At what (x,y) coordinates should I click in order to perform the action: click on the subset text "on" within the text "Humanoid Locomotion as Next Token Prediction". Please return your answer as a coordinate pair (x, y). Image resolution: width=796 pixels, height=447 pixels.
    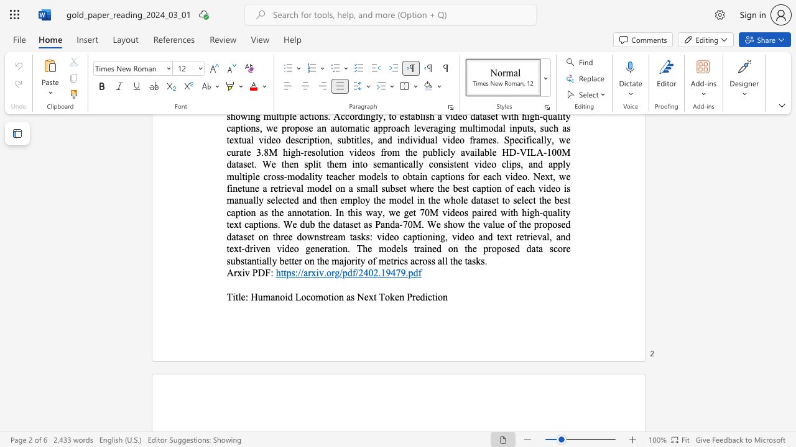
    Looking at the image, I should click on (438, 297).